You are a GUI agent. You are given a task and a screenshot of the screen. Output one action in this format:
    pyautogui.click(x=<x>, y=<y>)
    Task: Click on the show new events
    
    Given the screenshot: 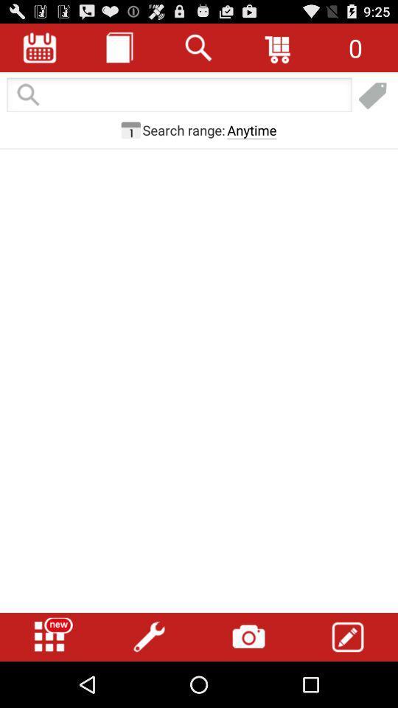 What is the action you would take?
    pyautogui.click(x=49, y=636)
    